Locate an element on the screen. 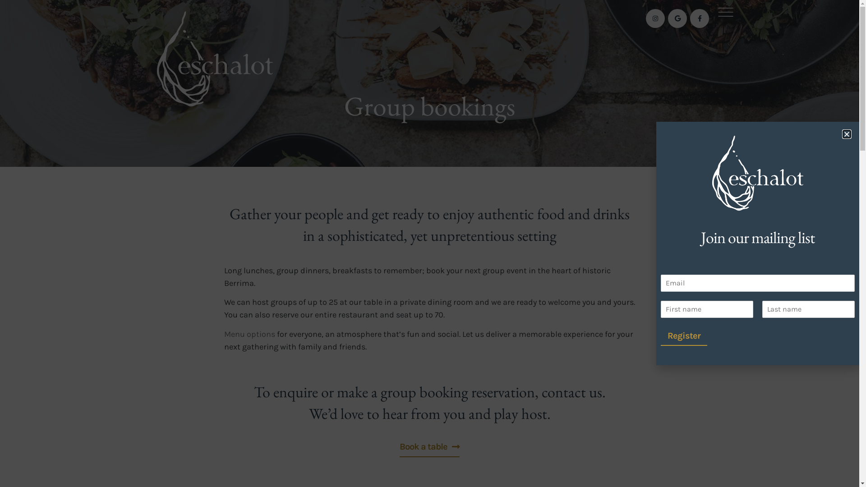  'contact us' is located at coordinates (571, 391).